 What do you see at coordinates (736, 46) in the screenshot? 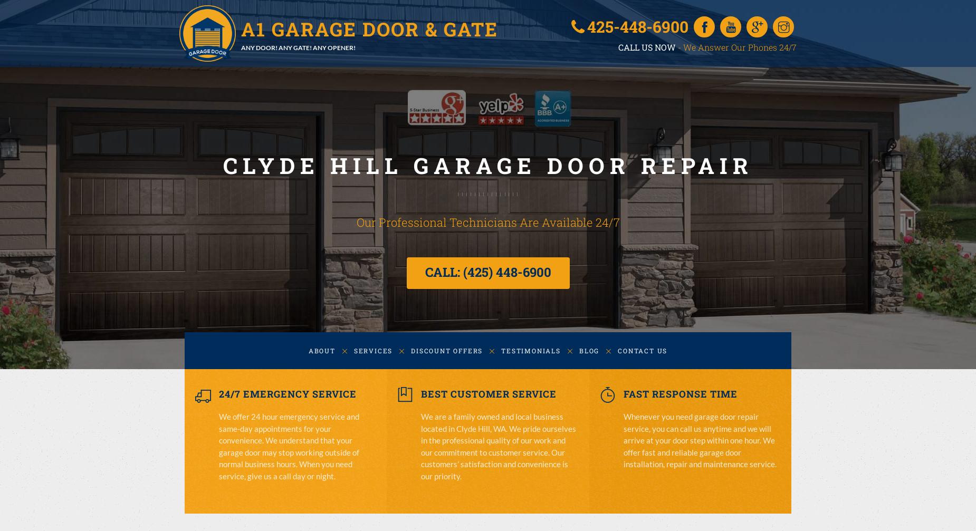
I see `'- We Answer Our Phones 24/7'` at bounding box center [736, 46].